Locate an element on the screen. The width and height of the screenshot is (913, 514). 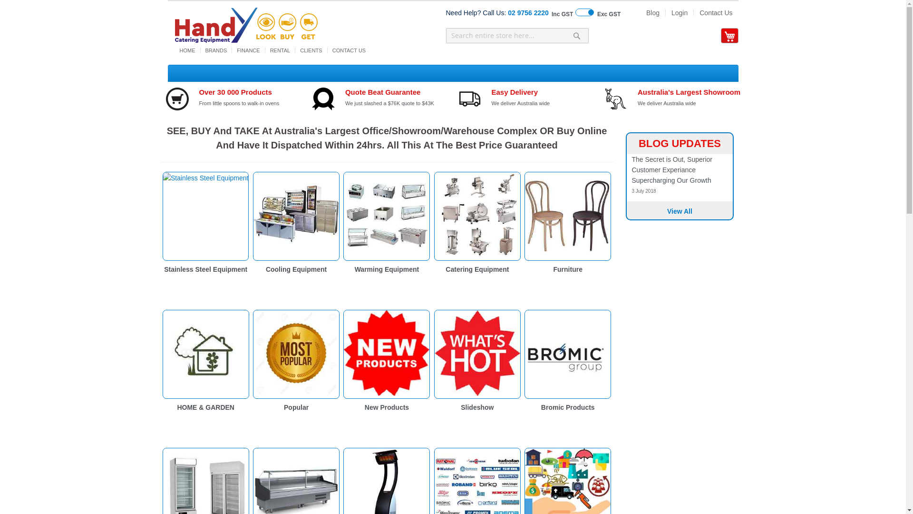
'Australia'S Largest Showroom' is located at coordinates (689, 92).